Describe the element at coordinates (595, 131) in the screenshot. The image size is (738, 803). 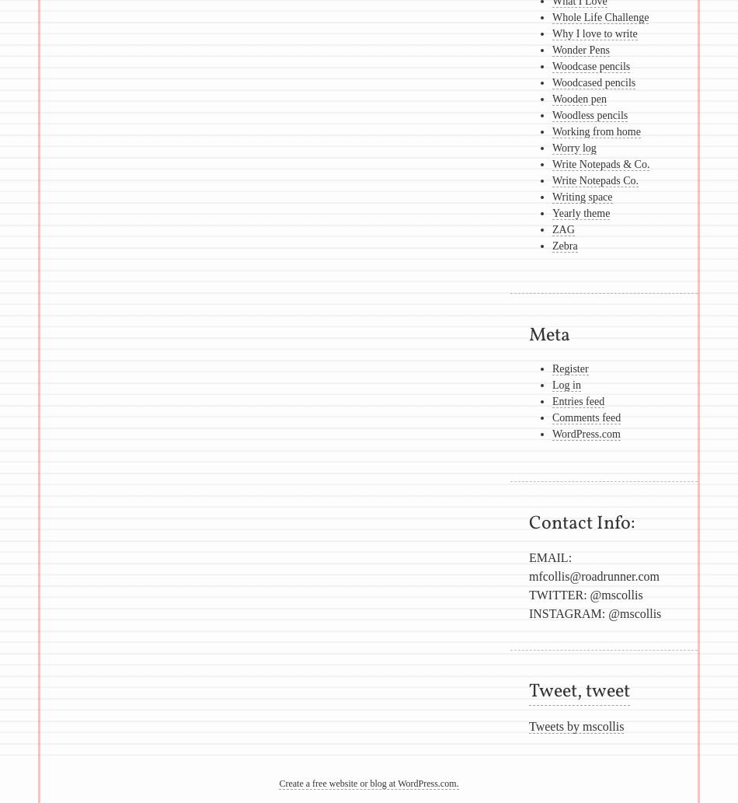
I see `'Working from home'` at that location.